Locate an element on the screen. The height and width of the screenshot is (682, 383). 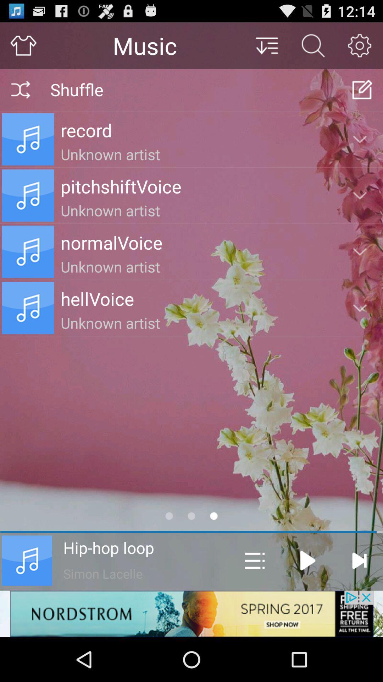
the edit icon is located at coordinates (362, 95).